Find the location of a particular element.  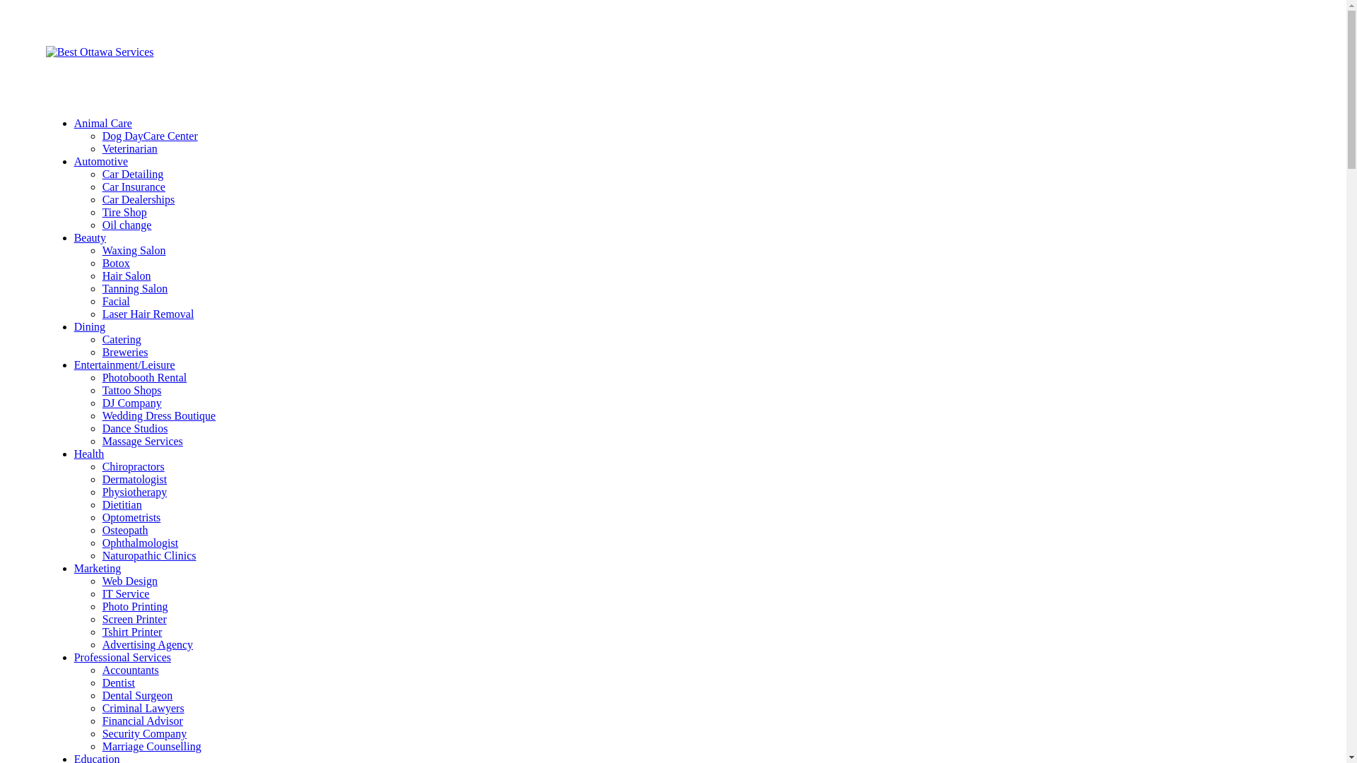

'Dentist' is located at coordinates (119, 682).